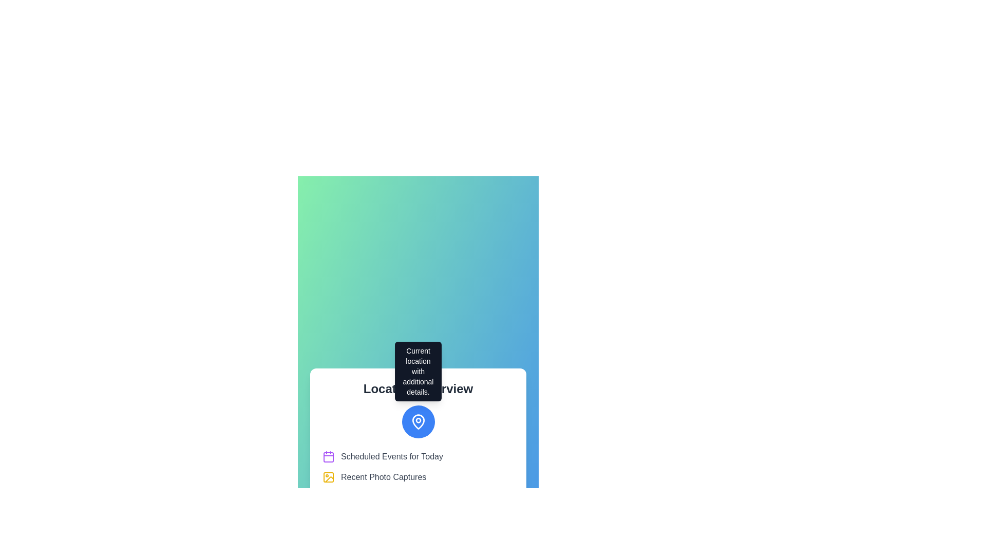  I want to click on the calendar icon located to the left of the text 'Scheduled Events for Today', which serves as a visual indicator for accessing event scheduling functionality, so click(328, 456).